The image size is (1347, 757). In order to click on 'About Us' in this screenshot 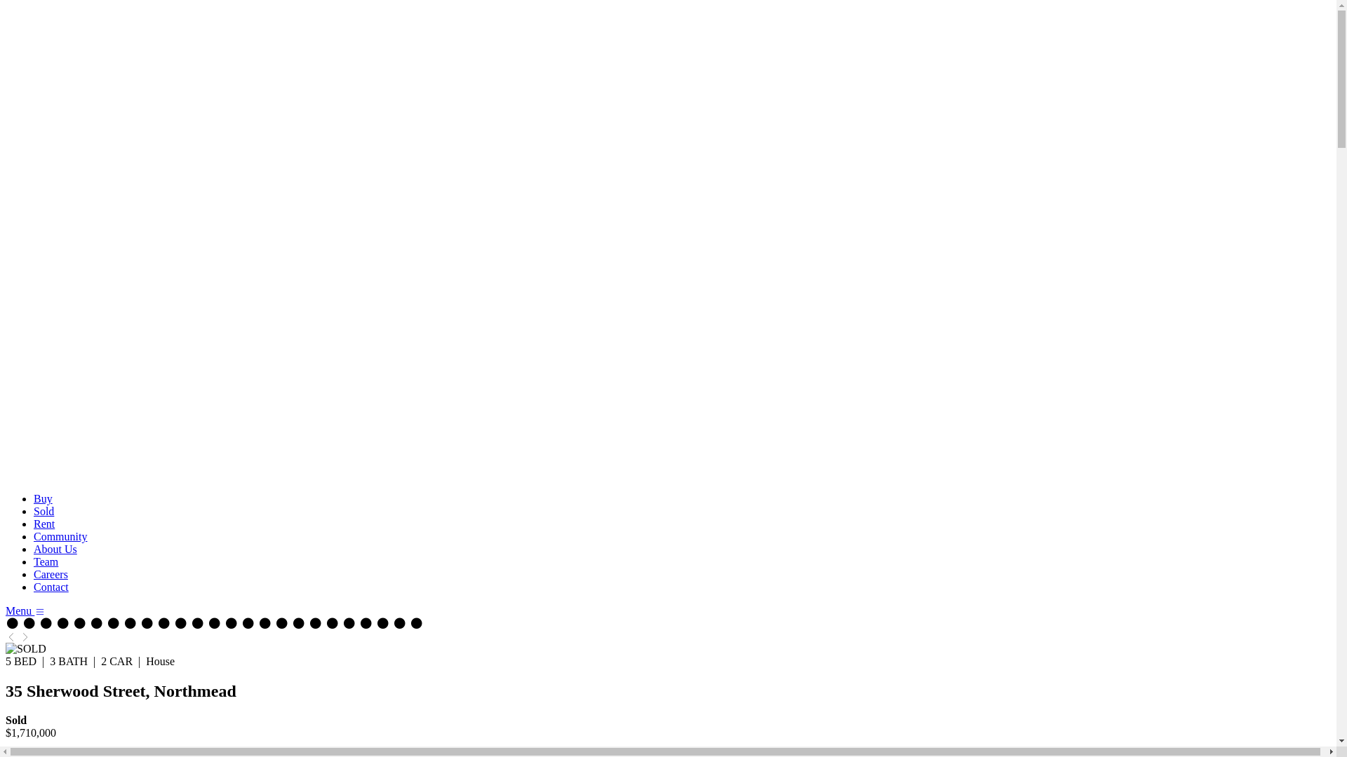, I will do `click(55, 548)`.